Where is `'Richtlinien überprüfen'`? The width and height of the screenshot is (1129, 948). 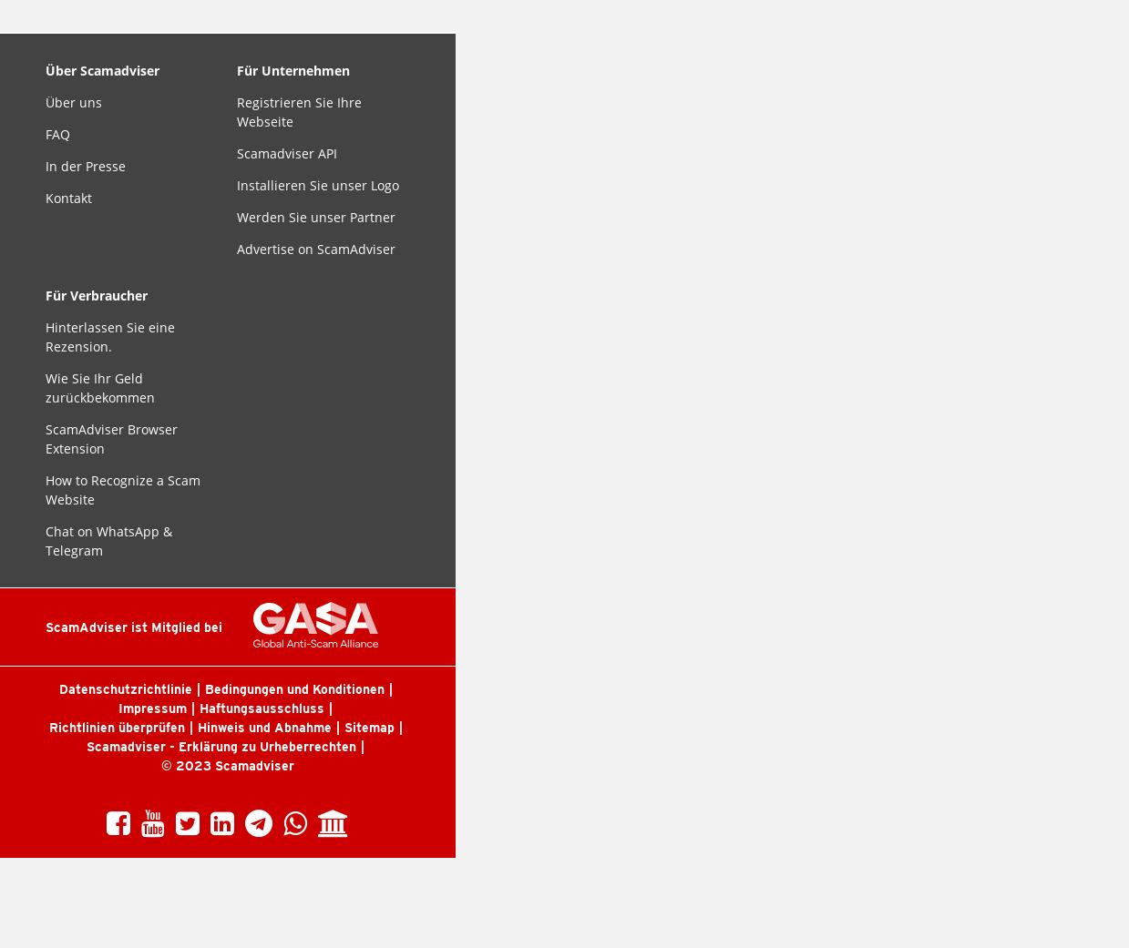 'Richtlinien überprüfen' is located at coordinates (116, 727).